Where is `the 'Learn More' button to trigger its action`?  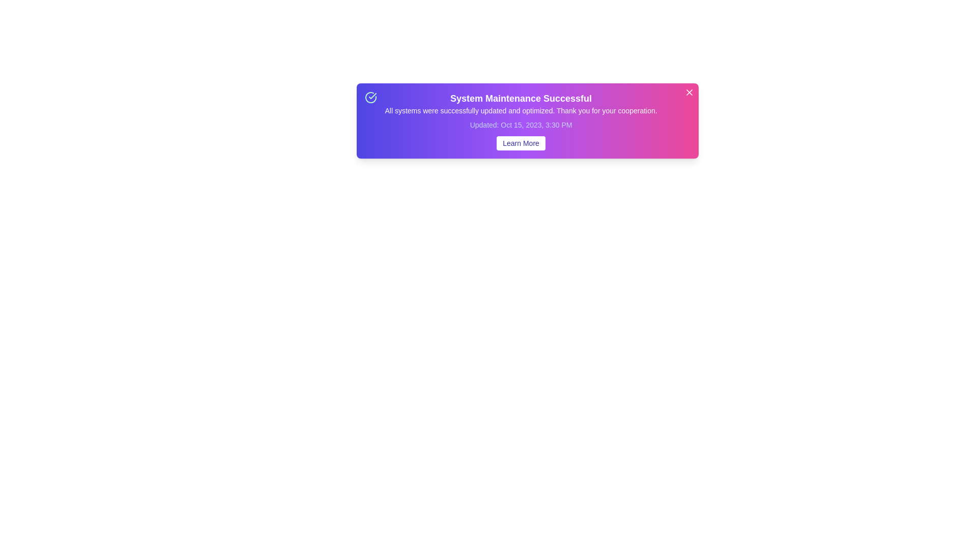 the 'Learn More' button to trigger its action is located at coordinates (521, 143).